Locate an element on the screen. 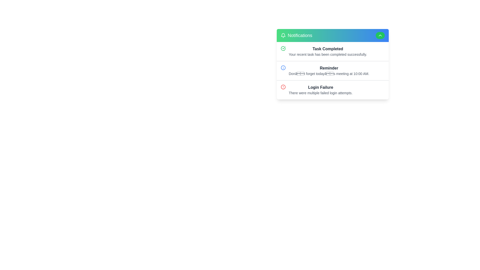 Image resolution: width=480 pixels, height=270 pixels. the upward-pointing chevron icon within the green rounded button located at the top-right corner of the notification panel is located at coordinates (380, 35).